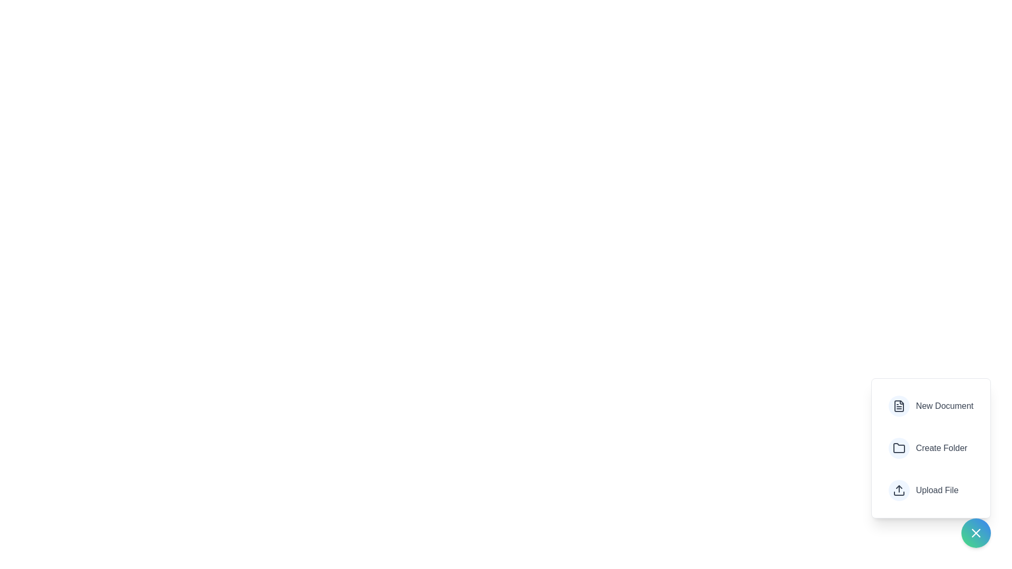 The height and width of the screenshot is (569, 1012). What do you see at coordinates (928, 448) in the screenshot?
I see `the menu option Create Folder by clicking on it` at bounding box center [928, 448].